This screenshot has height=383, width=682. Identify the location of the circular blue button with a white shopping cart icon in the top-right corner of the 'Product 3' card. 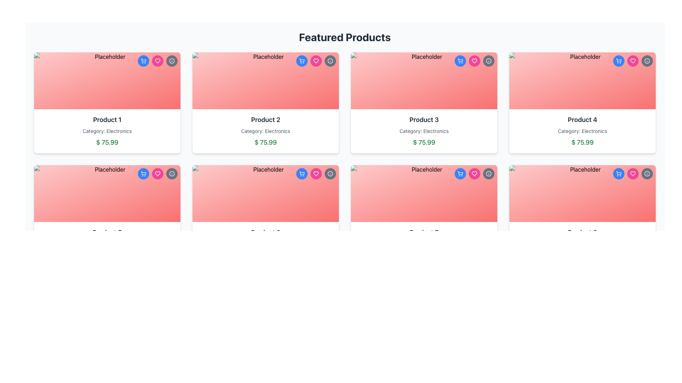
(460, 173).